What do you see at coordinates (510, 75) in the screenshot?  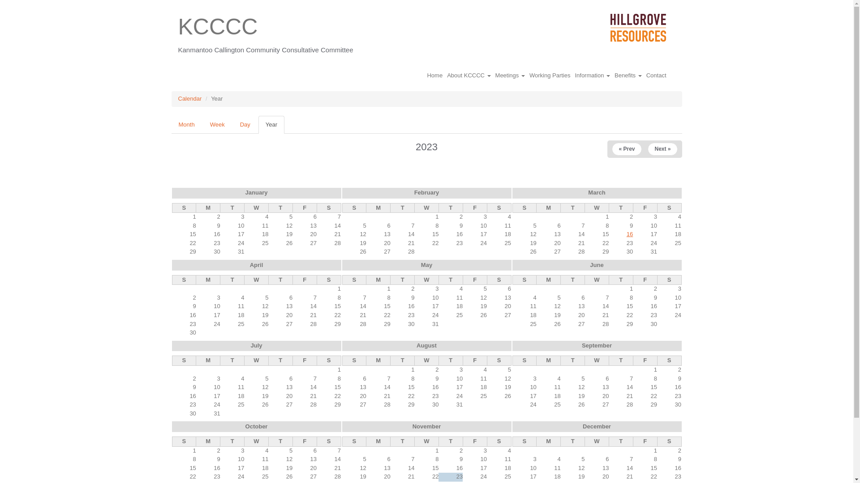 I see `'Meetings'` at bounding box center [510, 75].